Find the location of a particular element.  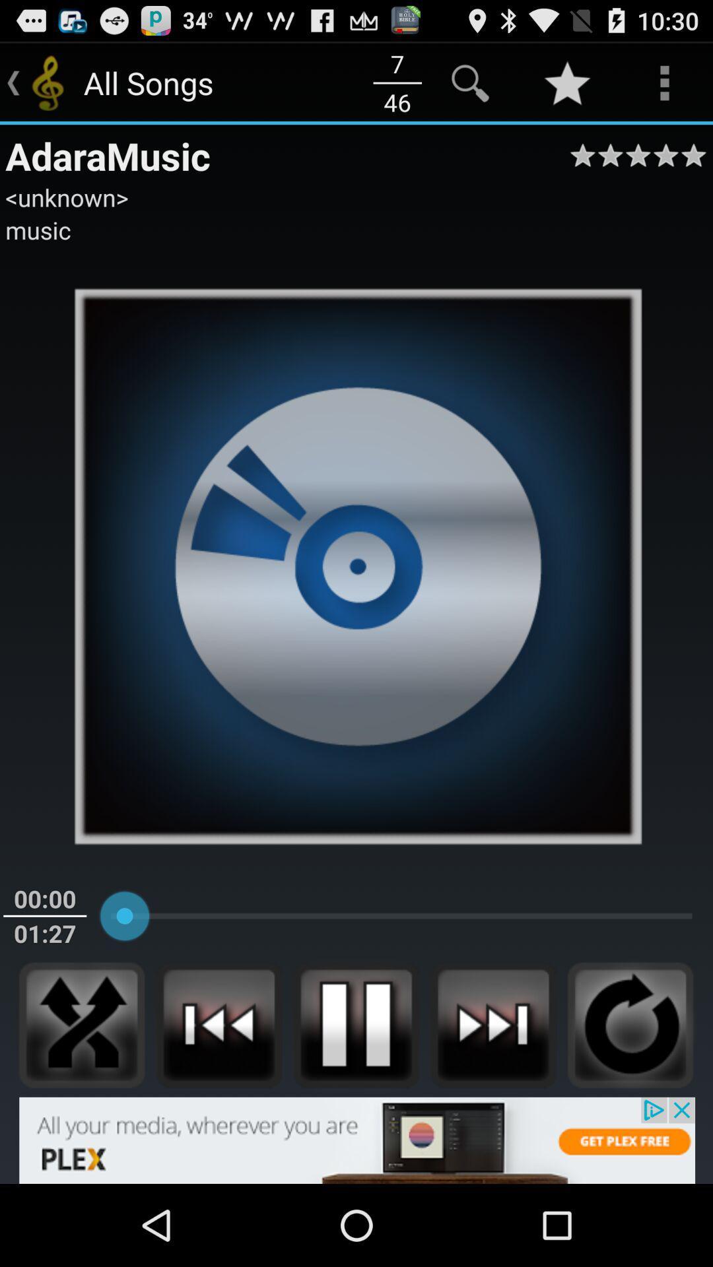

plex advertisement link is located at coordinates (356, 1140).